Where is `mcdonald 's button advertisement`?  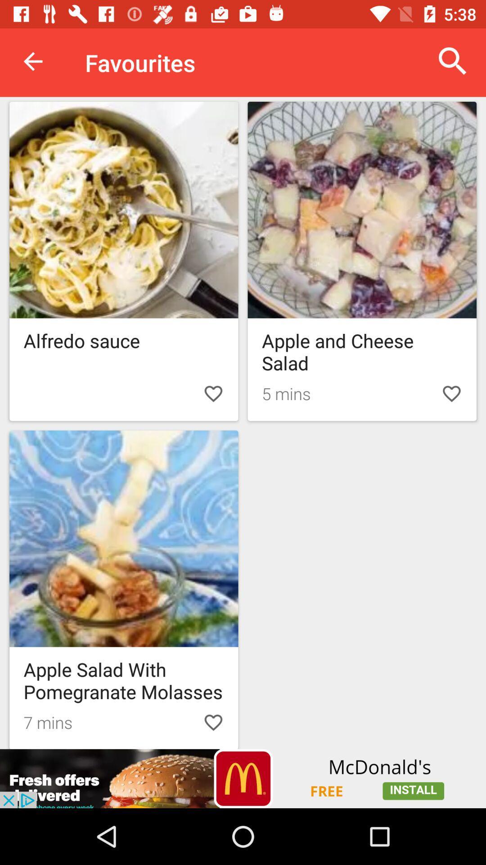 mcdonald 's button advertisement is located at coordinates (243, 778).